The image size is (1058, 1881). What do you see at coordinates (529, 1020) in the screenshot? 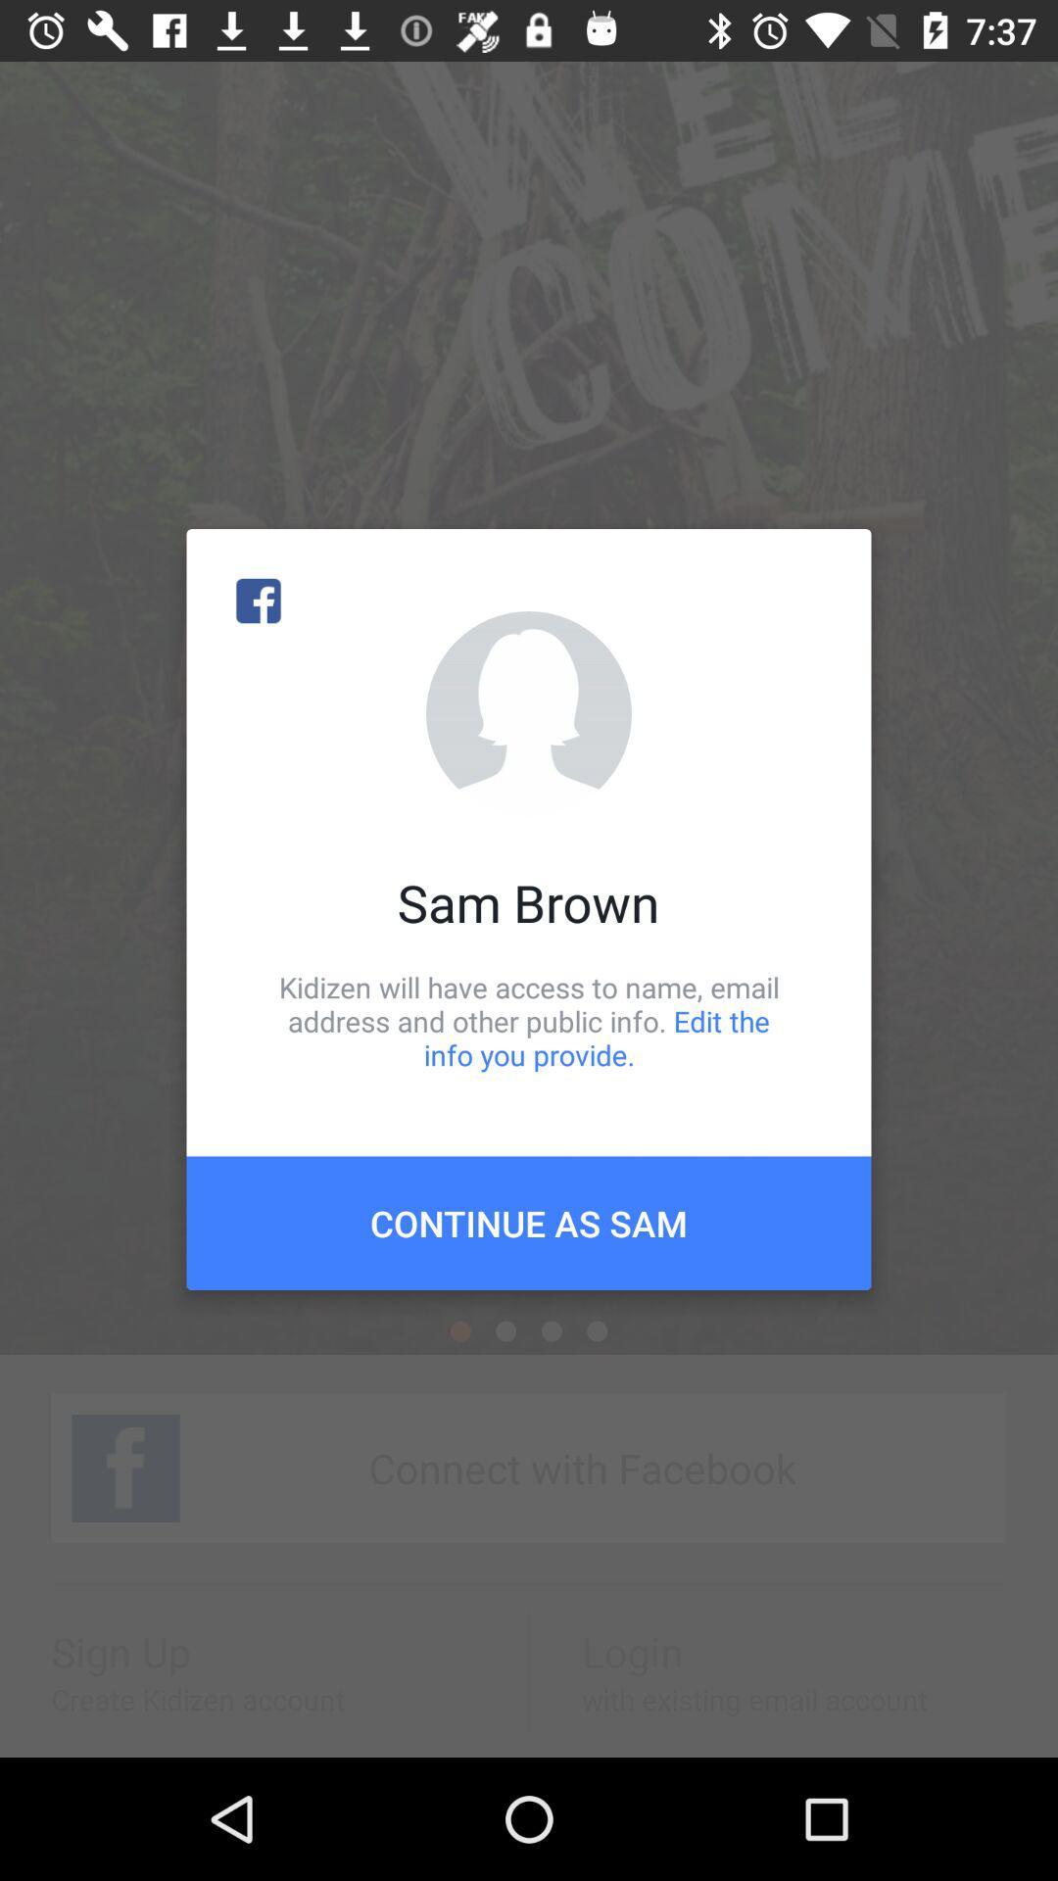
I see `icon below the sam brown item` at bounding box center [529, 1020].